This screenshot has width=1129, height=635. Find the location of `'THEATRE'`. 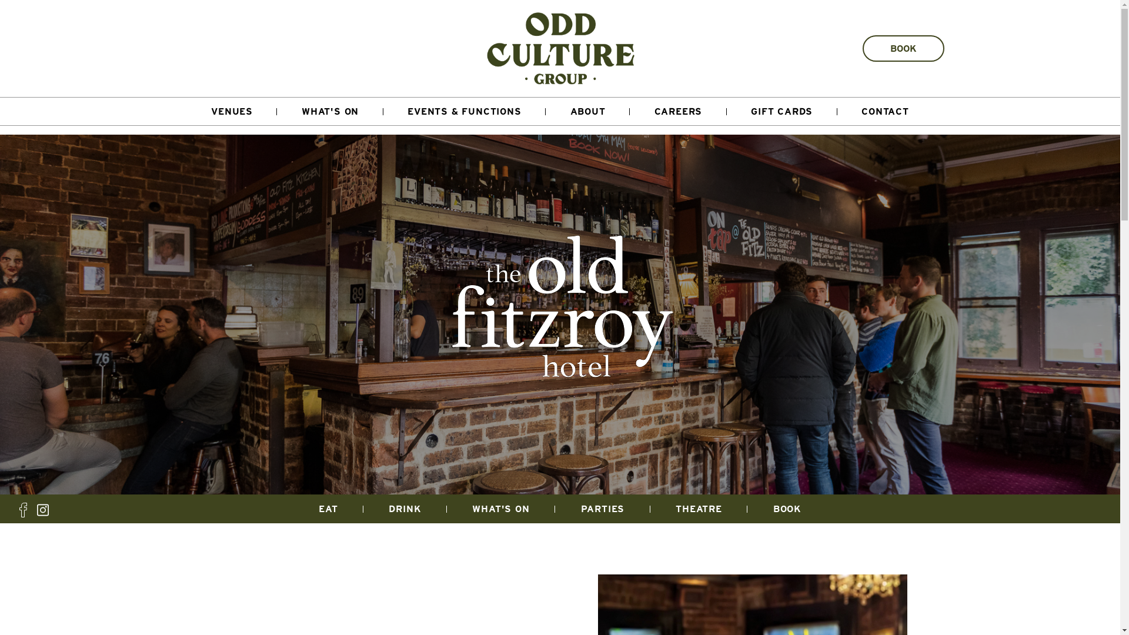

'THEATRE' is located at coordinates (699, 508).